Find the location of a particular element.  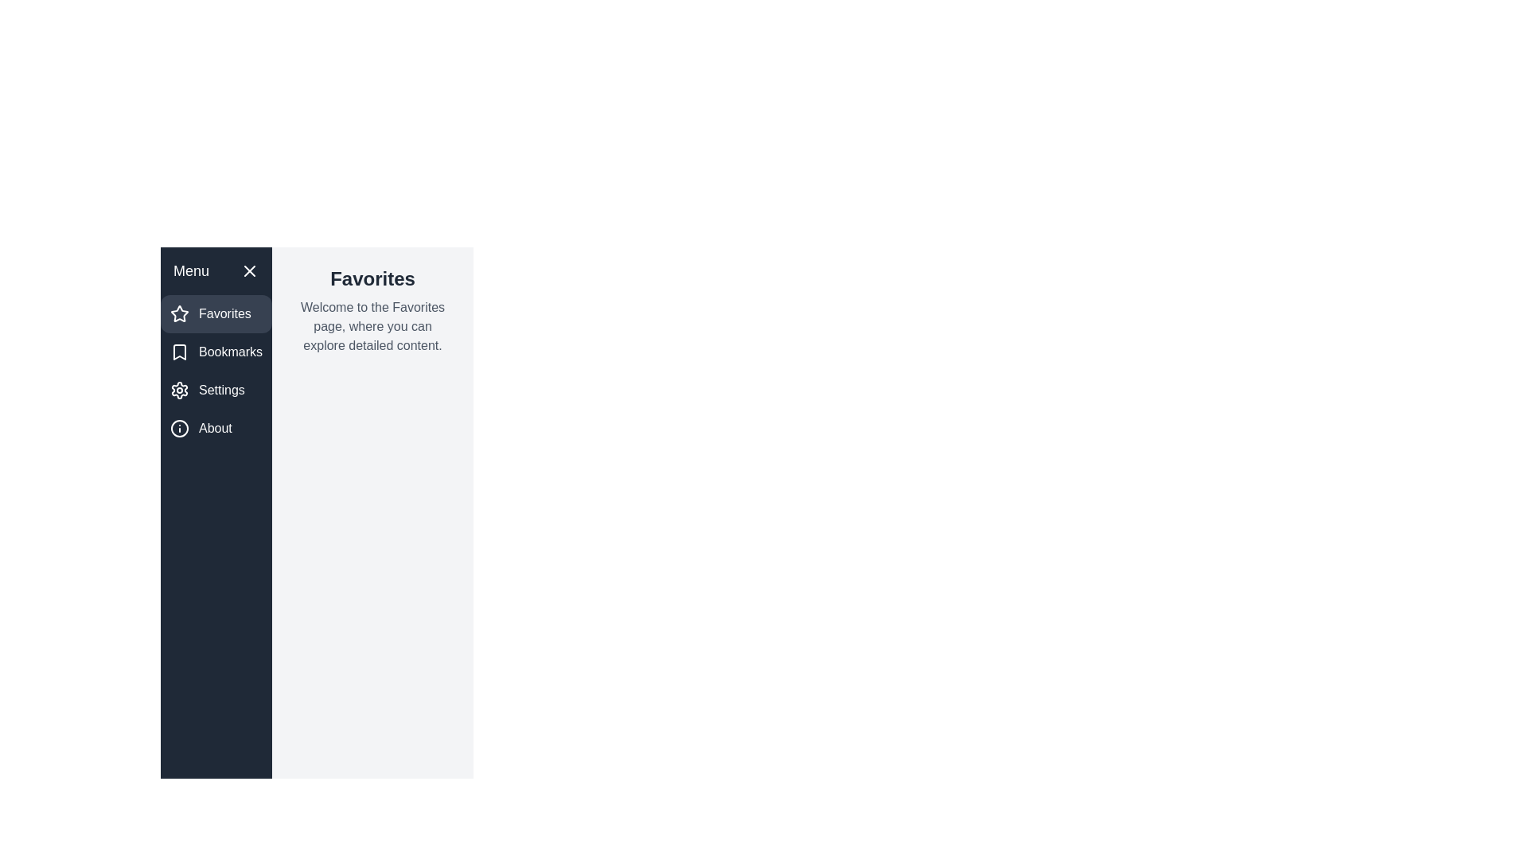

the 'Bookmarks' text label in the vertical menu on the left side of the interface is located at coordinates (230, 352).